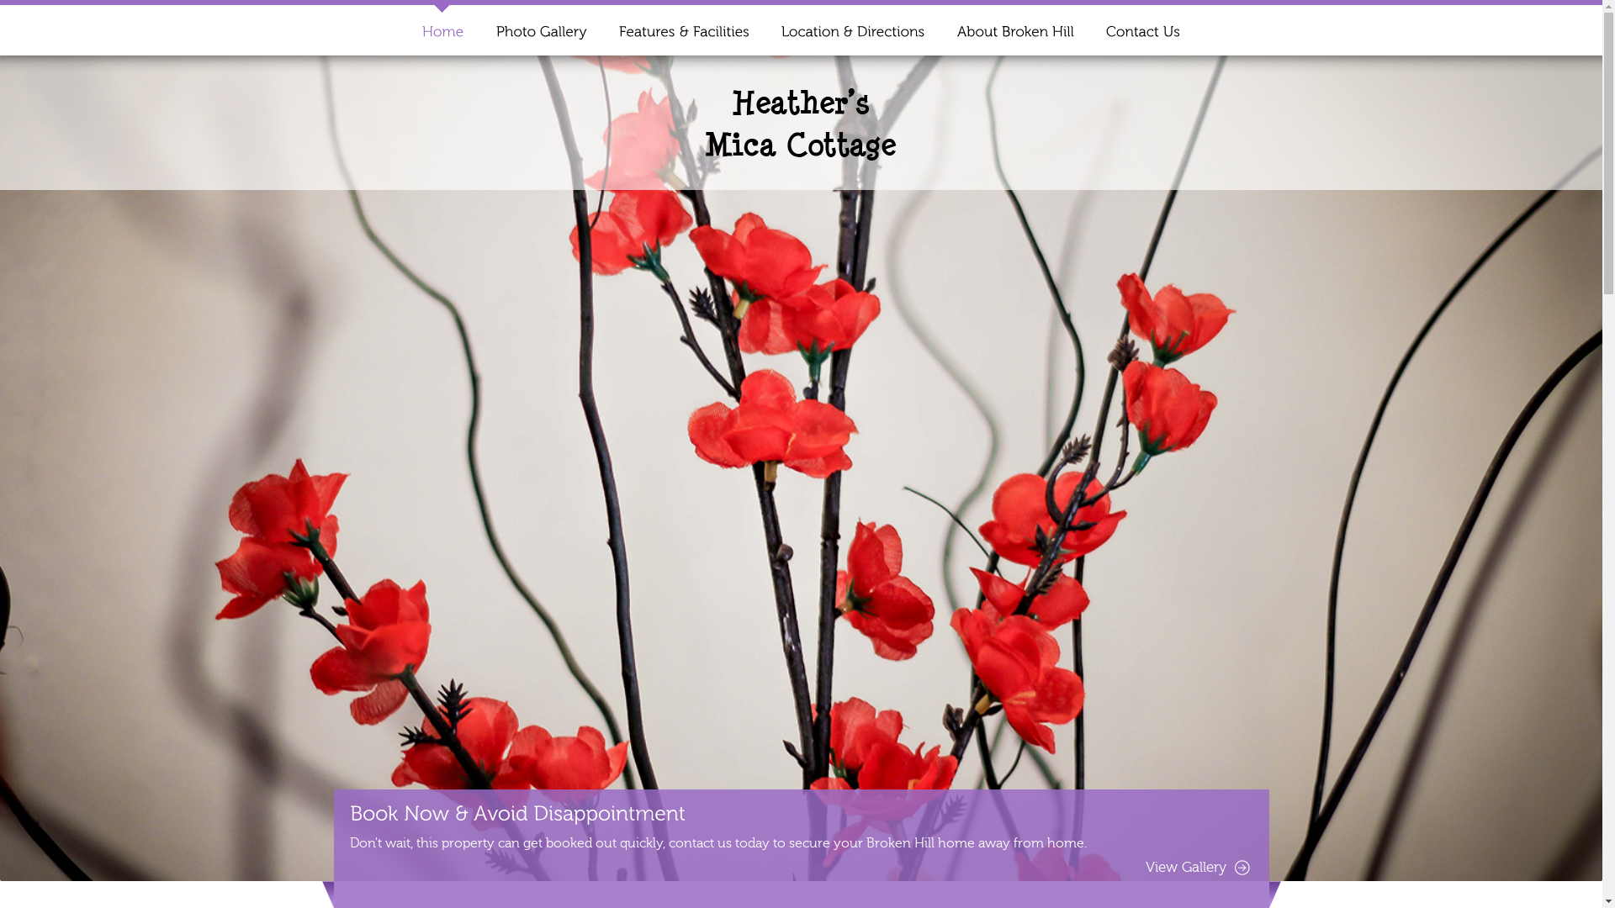  What do you see at coordinates (1145, 868) in the screenshot?
I see `'View Gallery'` at bounding box center [1145, 868].